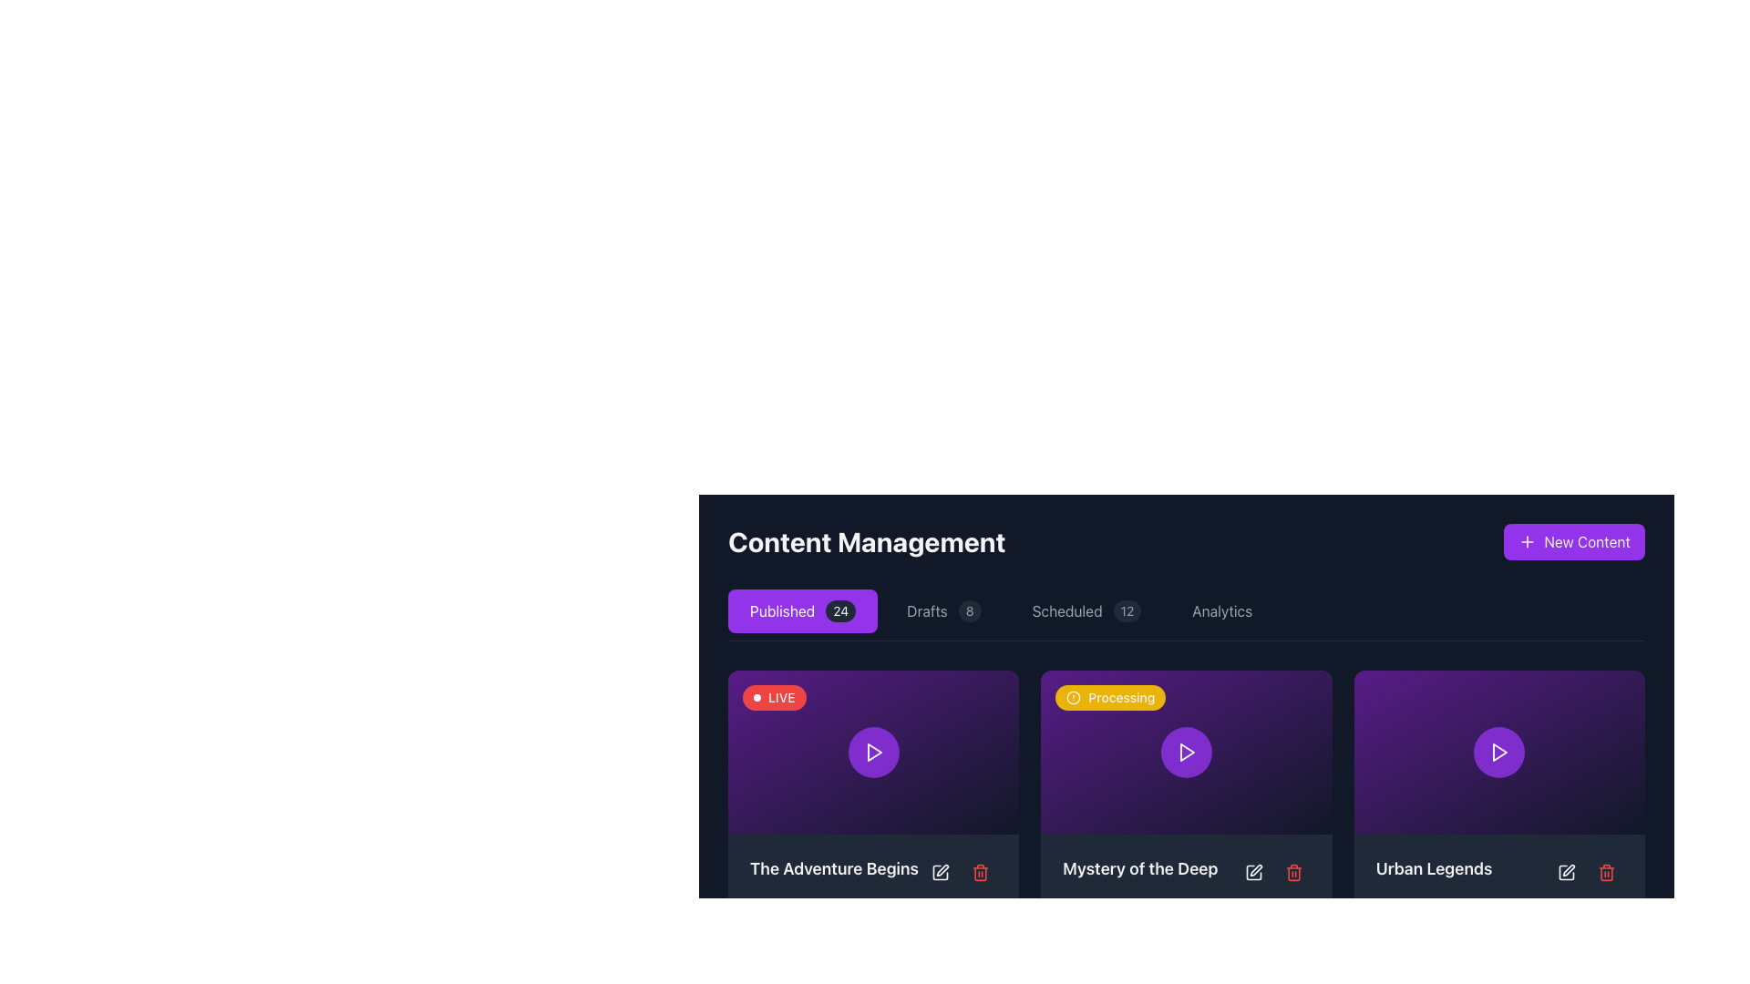 The width and height of the screenshot is (1750, 984). I want to click on the Navigation Tab with a Badge located in the top bar of the interface, third among the navigation buttons, so click(1086, 611).